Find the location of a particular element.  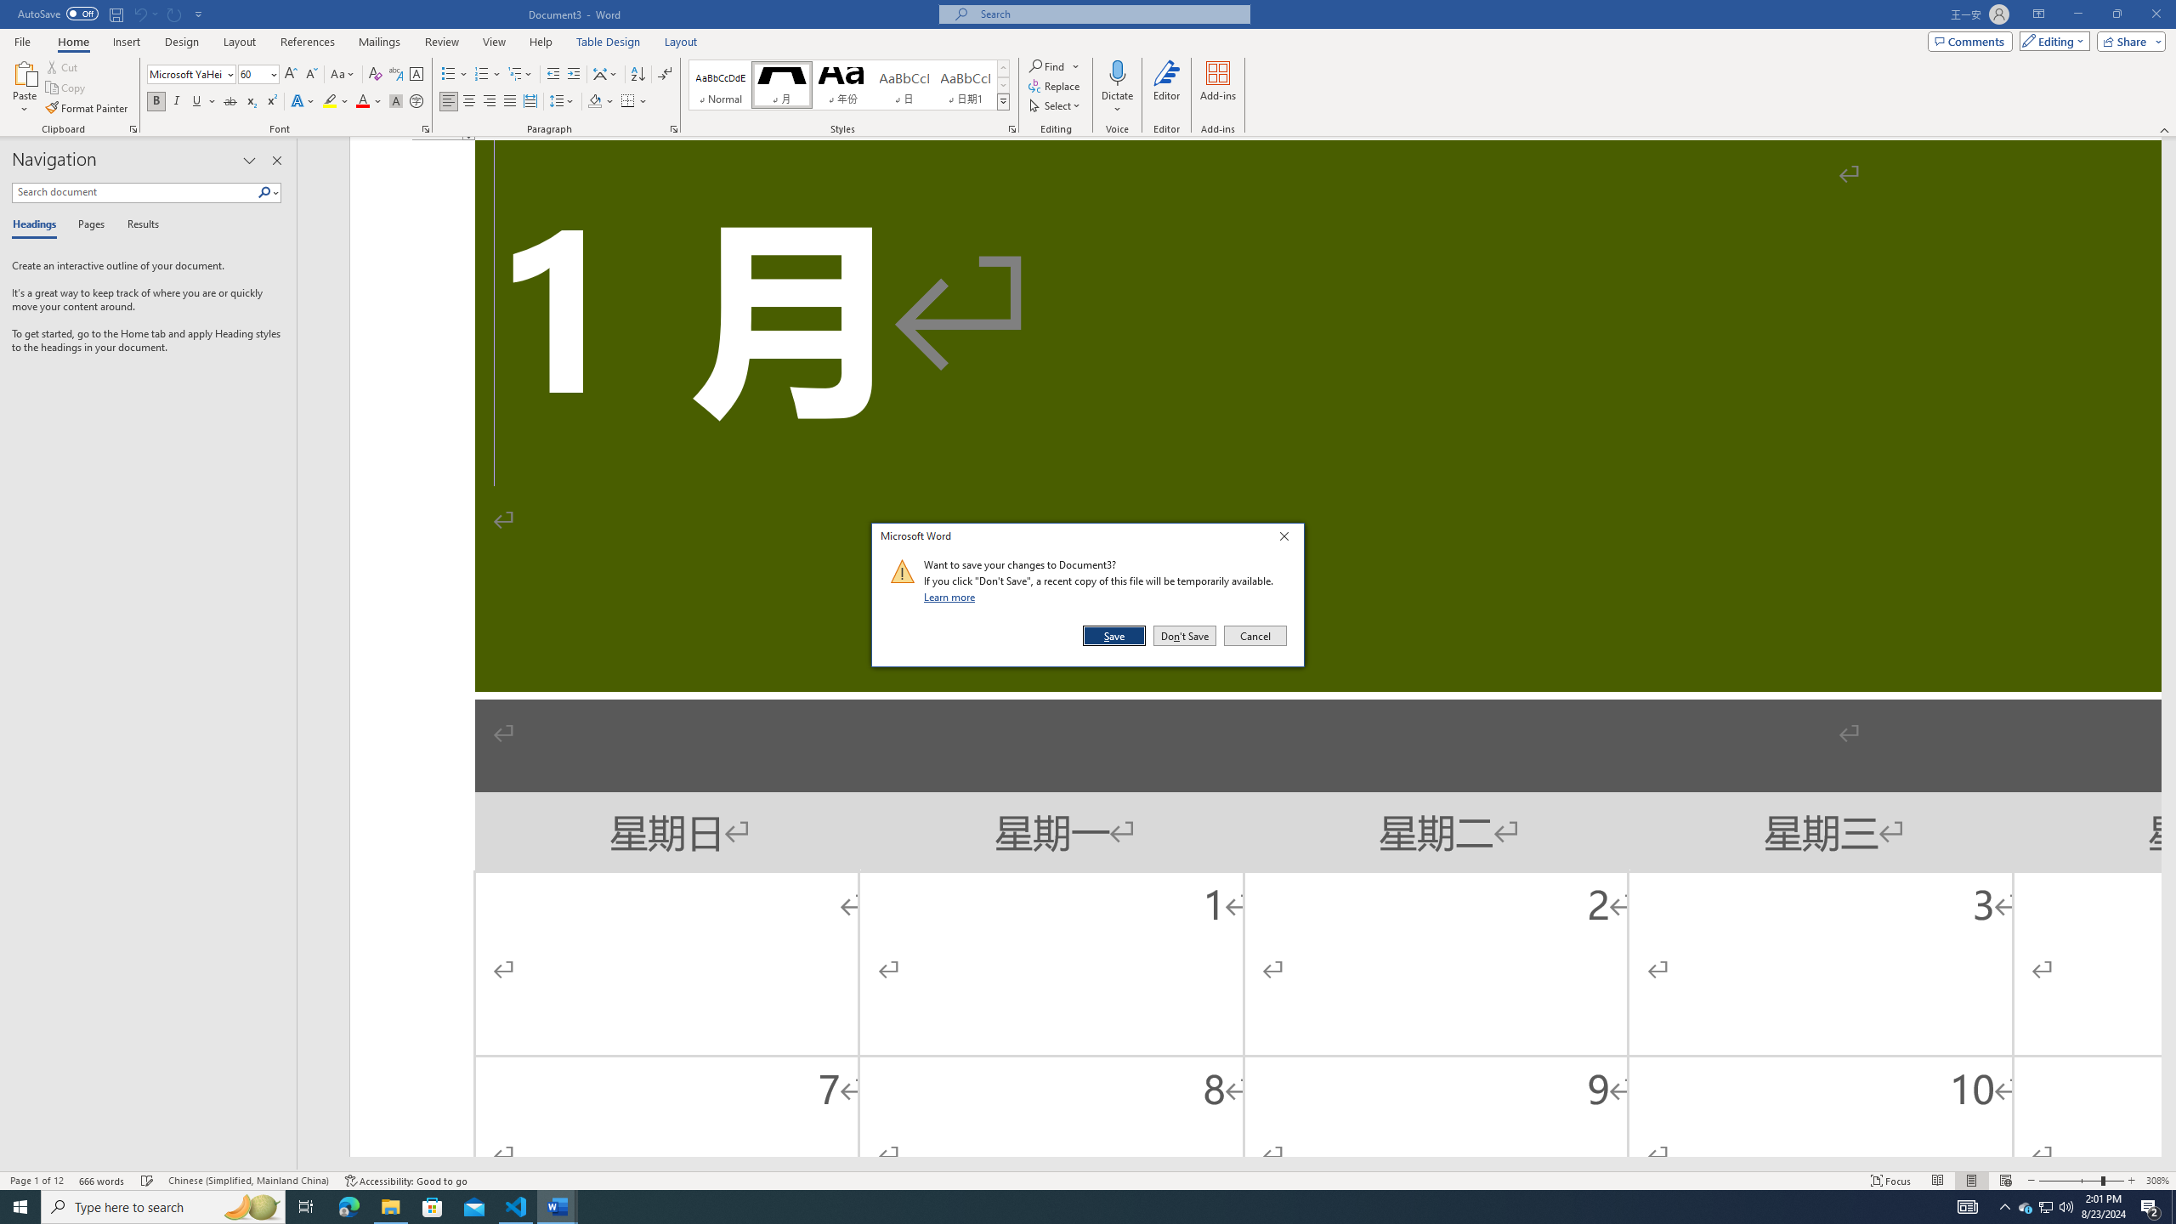

'Underline' is located at coordinates (196, 100).